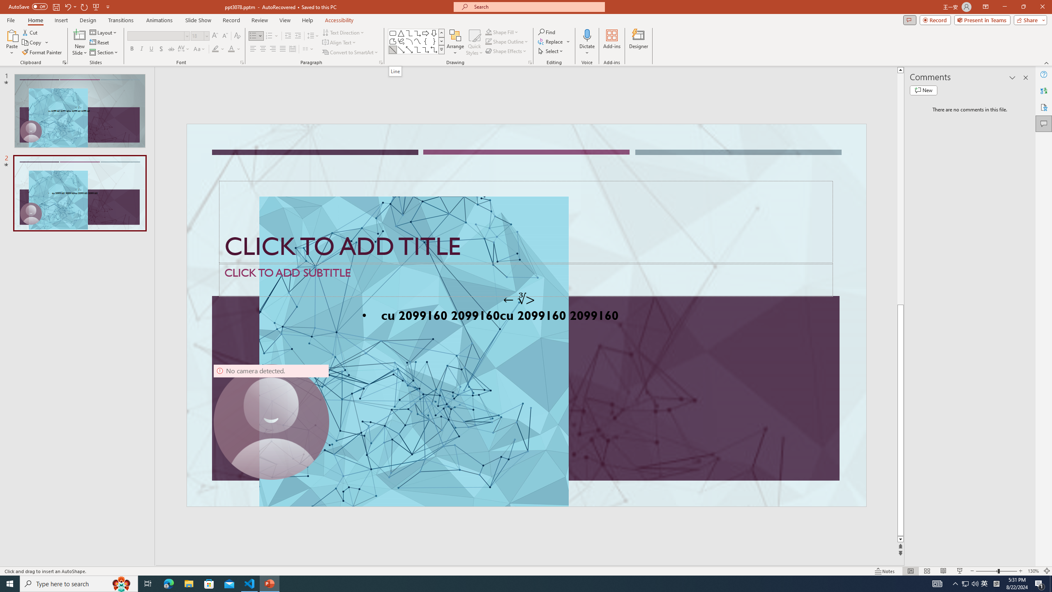 This screenshot has width=1052, height=592. I want to click on 'Microsoft search', so click(536, 7).